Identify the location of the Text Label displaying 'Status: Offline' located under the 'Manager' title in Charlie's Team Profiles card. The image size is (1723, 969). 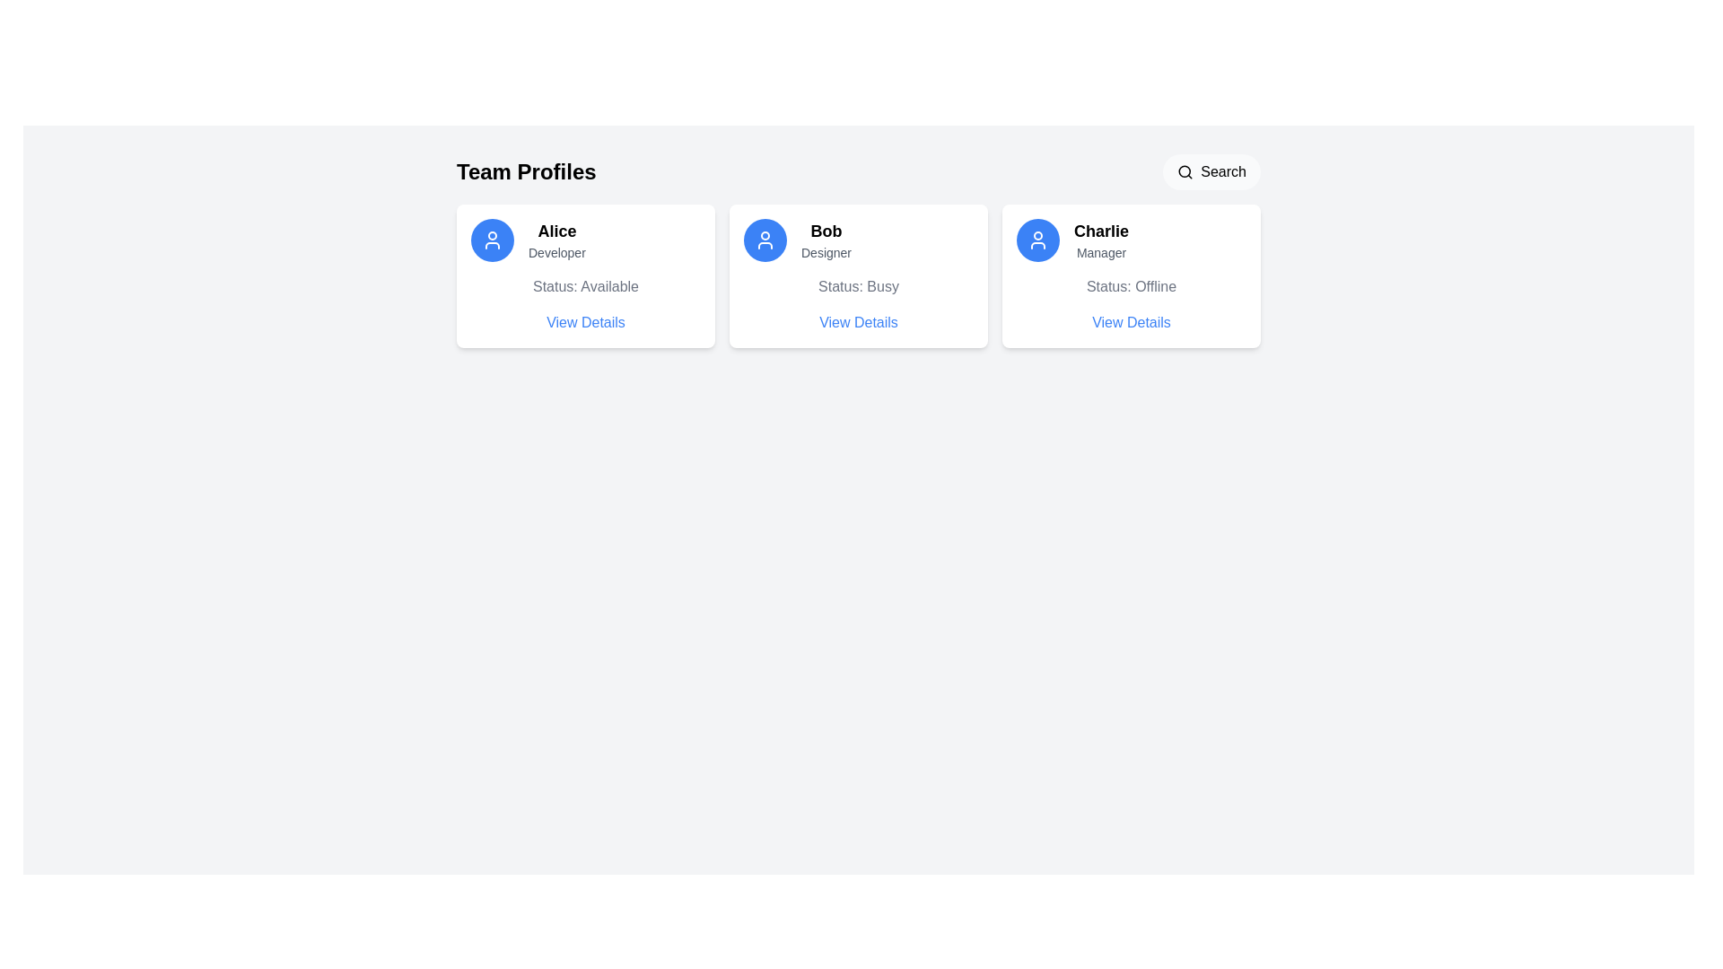
(1131, 286).